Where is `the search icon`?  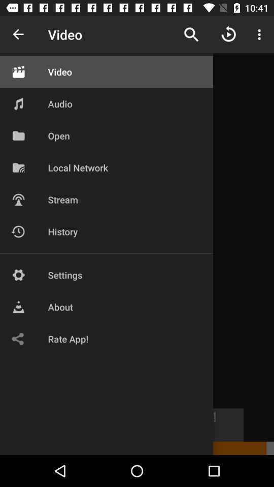 the search icon is located at coordinates (191, 34).